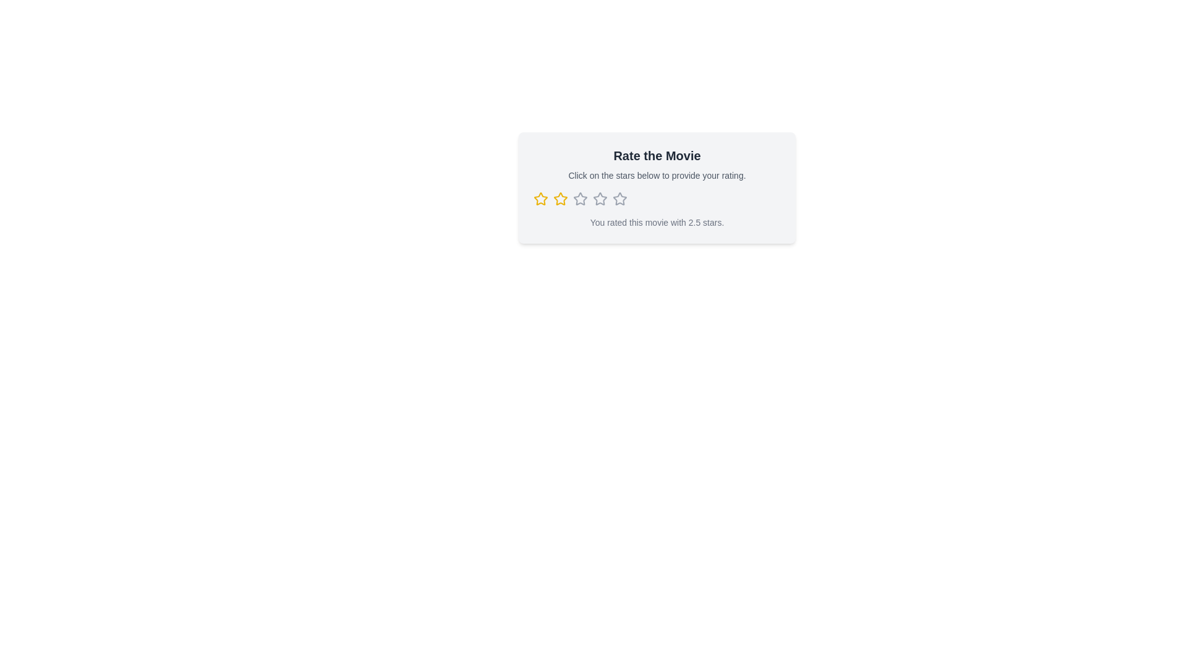  I want to click on the first star icon in the rating system, so click(540, 198).